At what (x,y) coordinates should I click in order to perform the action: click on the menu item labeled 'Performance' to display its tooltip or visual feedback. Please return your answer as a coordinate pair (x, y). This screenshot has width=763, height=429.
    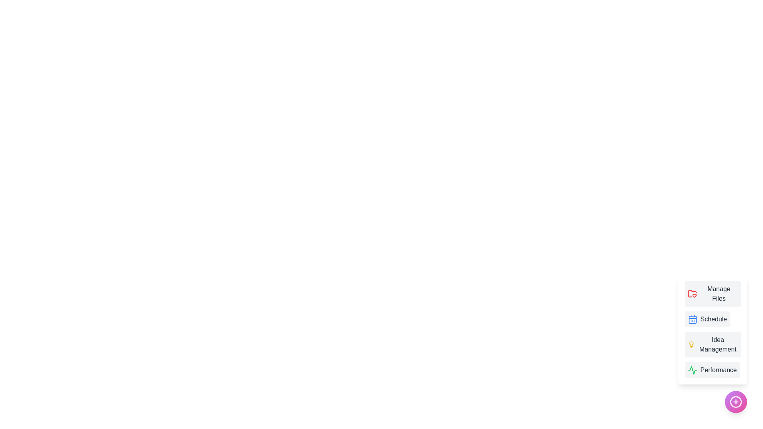
    Looking at the image, I should click on (712, 370).